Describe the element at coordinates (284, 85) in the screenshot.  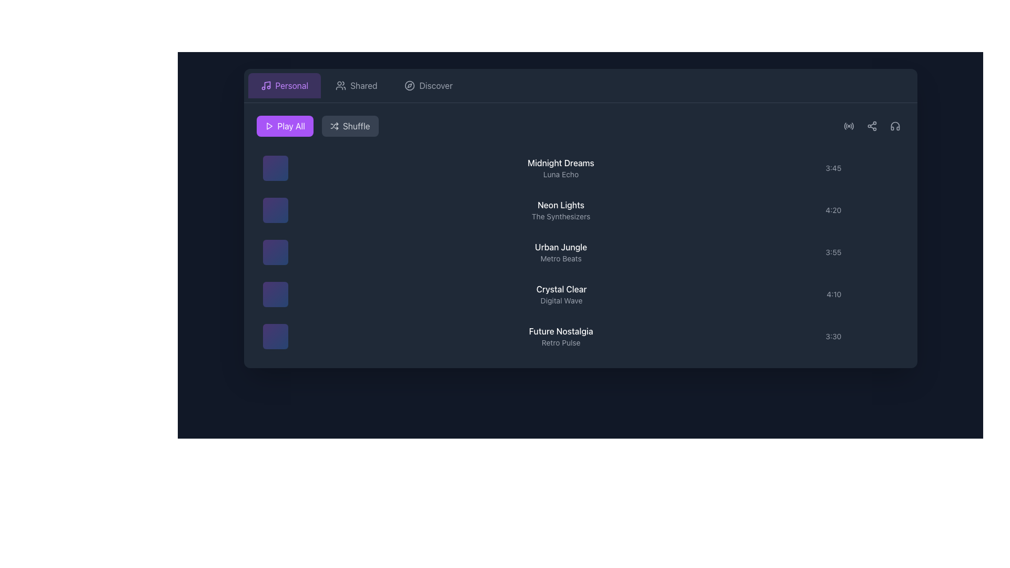
I see `the first button in the horizontal layout at the top-left corner of the application interface` at that location.